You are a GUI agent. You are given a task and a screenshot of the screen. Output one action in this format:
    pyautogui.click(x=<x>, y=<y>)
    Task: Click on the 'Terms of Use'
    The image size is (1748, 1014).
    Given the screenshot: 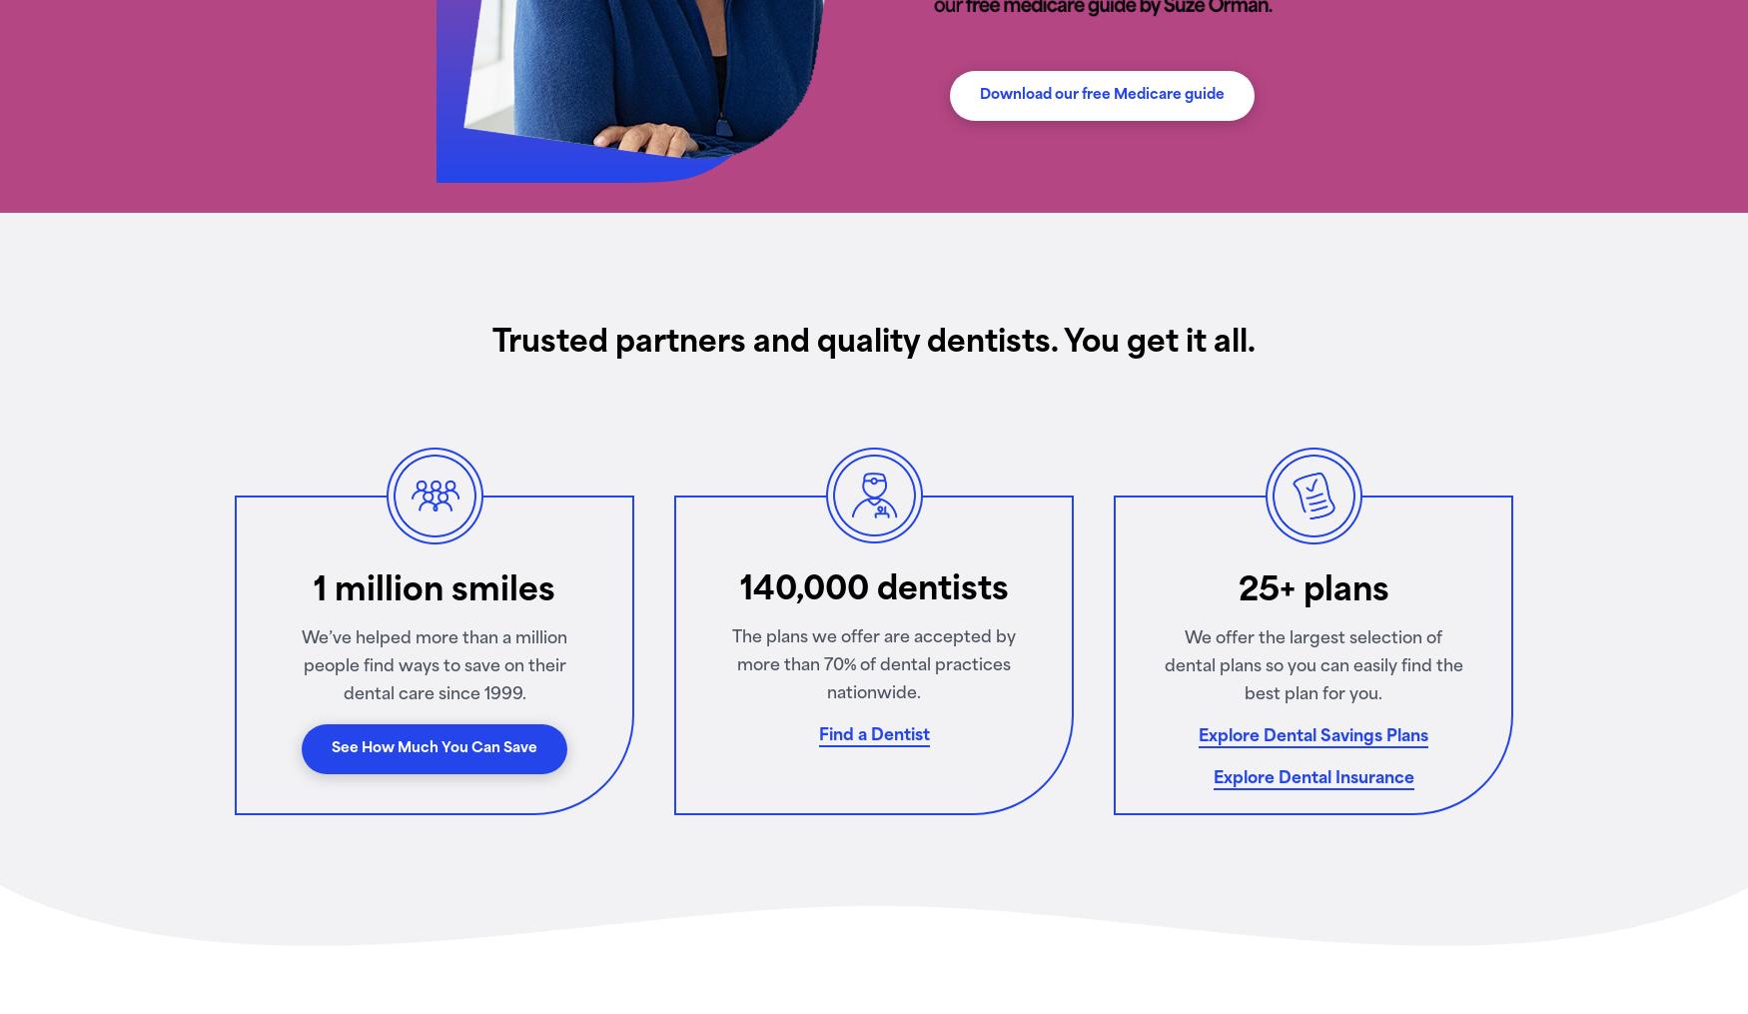 What is the action you would take?
    pyautogui.click(x=394, y=717)
    